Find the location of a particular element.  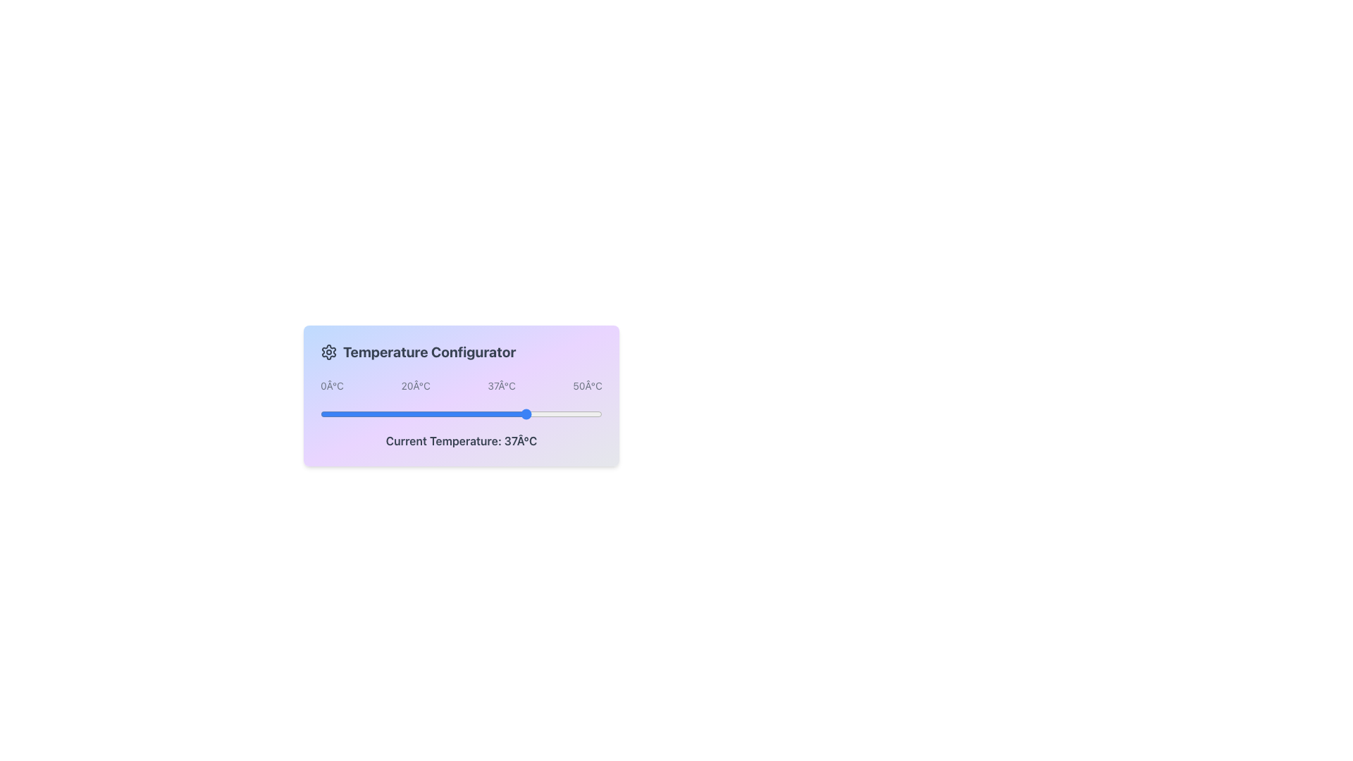

the temperature scale text label set that displays the values '0°C', '20°C', '37°C', and '50°C', which is located above the range slider and below the 'Temperature Configurator' header is located at coordinates (461, 385).